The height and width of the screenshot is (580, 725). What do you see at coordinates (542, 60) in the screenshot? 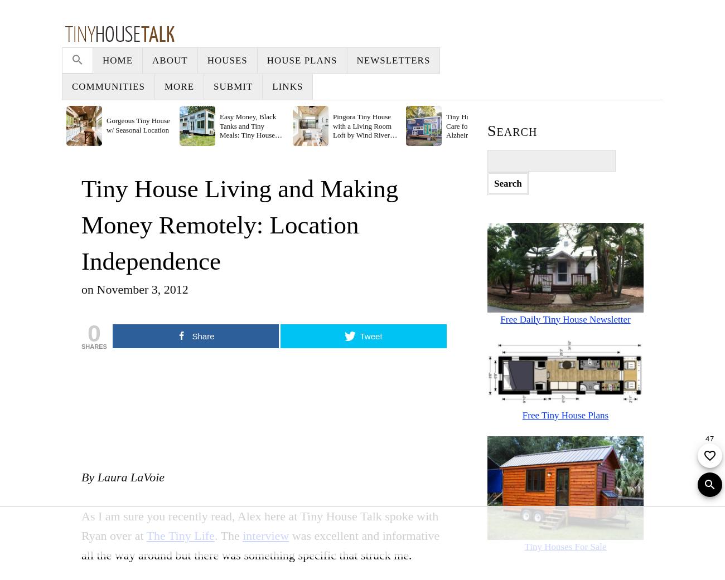
I see `'More'` at bounding box center [542, 60].